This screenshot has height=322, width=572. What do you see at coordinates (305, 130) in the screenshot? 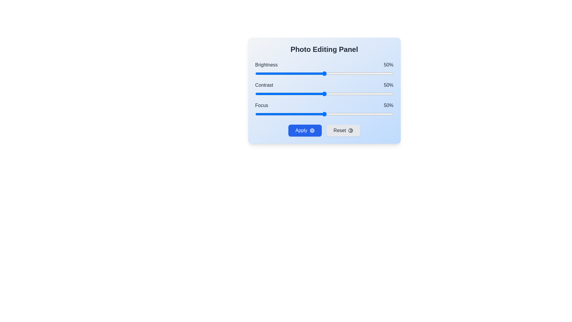
I see `the 'Apply' button to apply the changes` at bounding box center [305, 130].